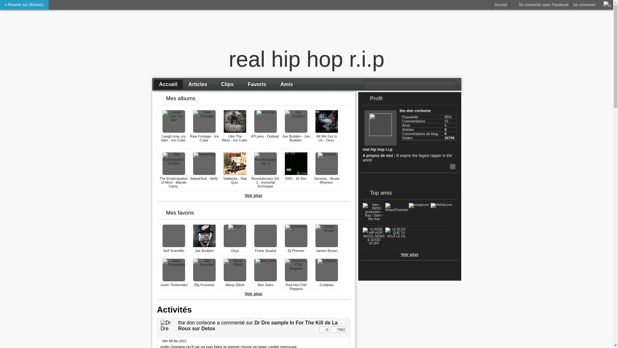 The width and height of the screenshot is (618, 348). I want to click on 'Frank Sinatra', so click(266, 250).